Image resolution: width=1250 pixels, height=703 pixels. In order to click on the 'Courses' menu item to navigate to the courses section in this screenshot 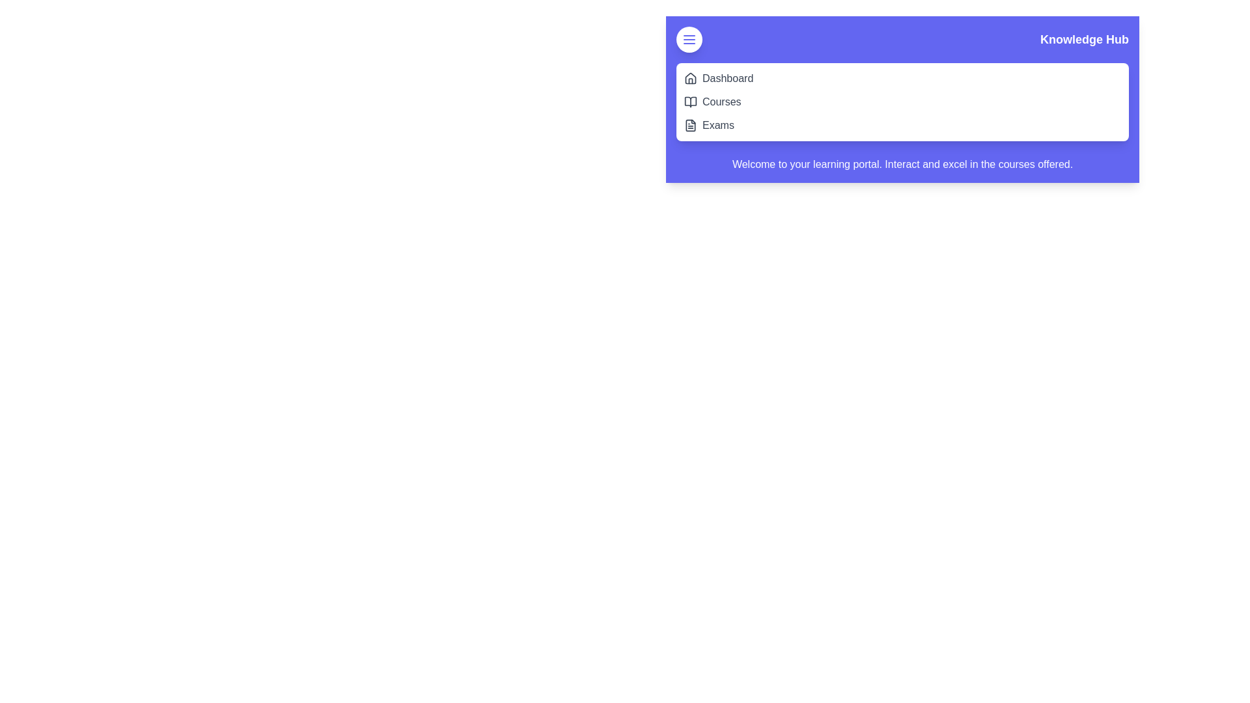, I will do `click(721, 102)`.